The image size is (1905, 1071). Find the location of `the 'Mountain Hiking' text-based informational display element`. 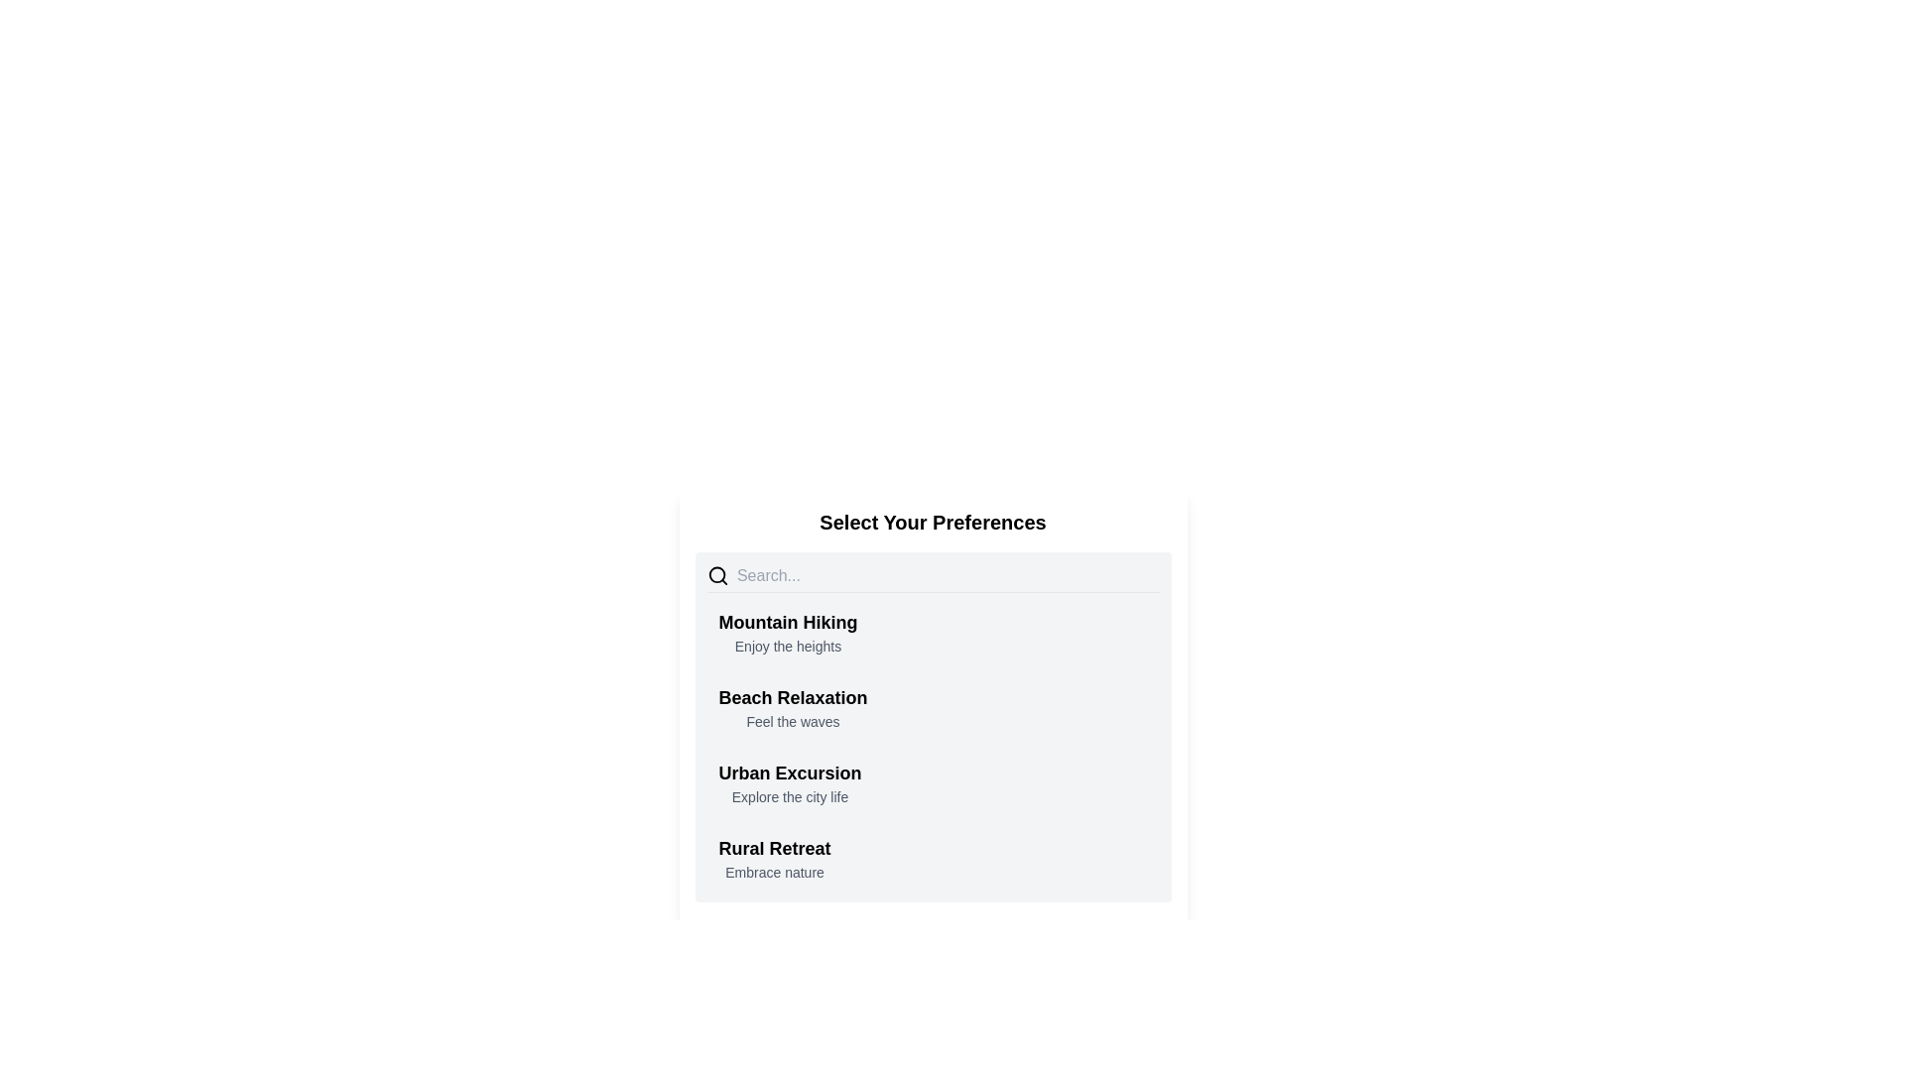

the 'Mountain Hiking' text-based informational display element is located at coordinates (787, 632).